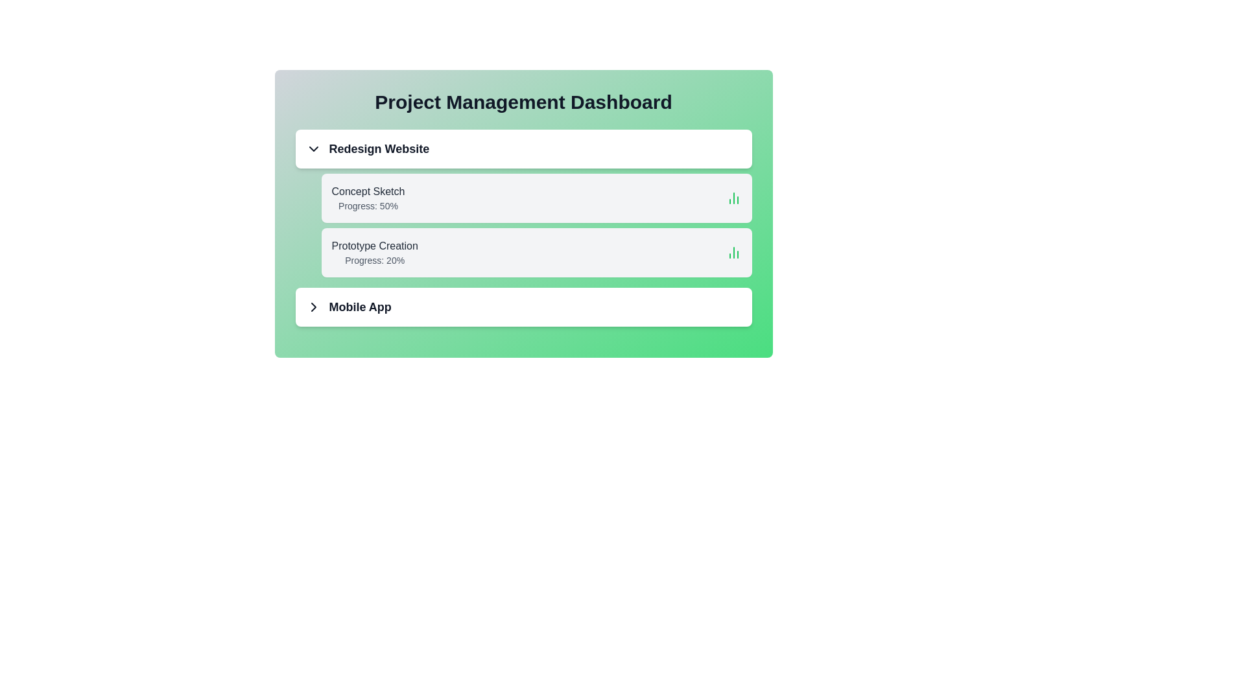  Describe the element at coordinates (733, 198) in the screenshot. I see `the progress icon next to the task 'Concept Sketch' to view additional insights or actions` at that location.